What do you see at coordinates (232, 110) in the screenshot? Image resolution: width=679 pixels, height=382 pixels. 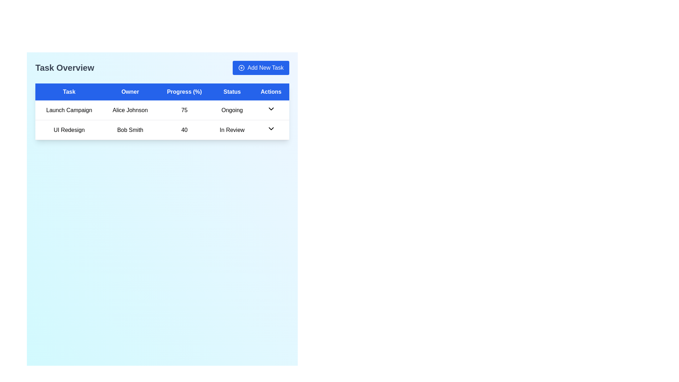 I see `the 'Ongoing' text label in the fourth column of the first row under the 'Status' heading, which is styled in black text on a white background` at bounding box center [232, 110].